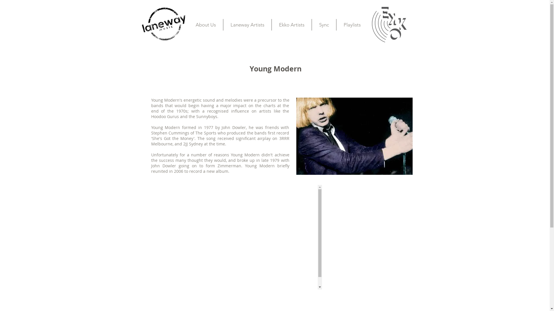  Describe the element at coordinates (205, 24) in the screenshot. I see `'About Us'` at that location.